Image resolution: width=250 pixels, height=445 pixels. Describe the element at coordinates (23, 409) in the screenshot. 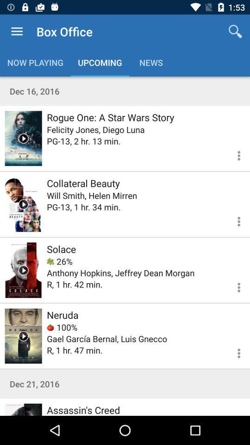

I see `video` at that location.